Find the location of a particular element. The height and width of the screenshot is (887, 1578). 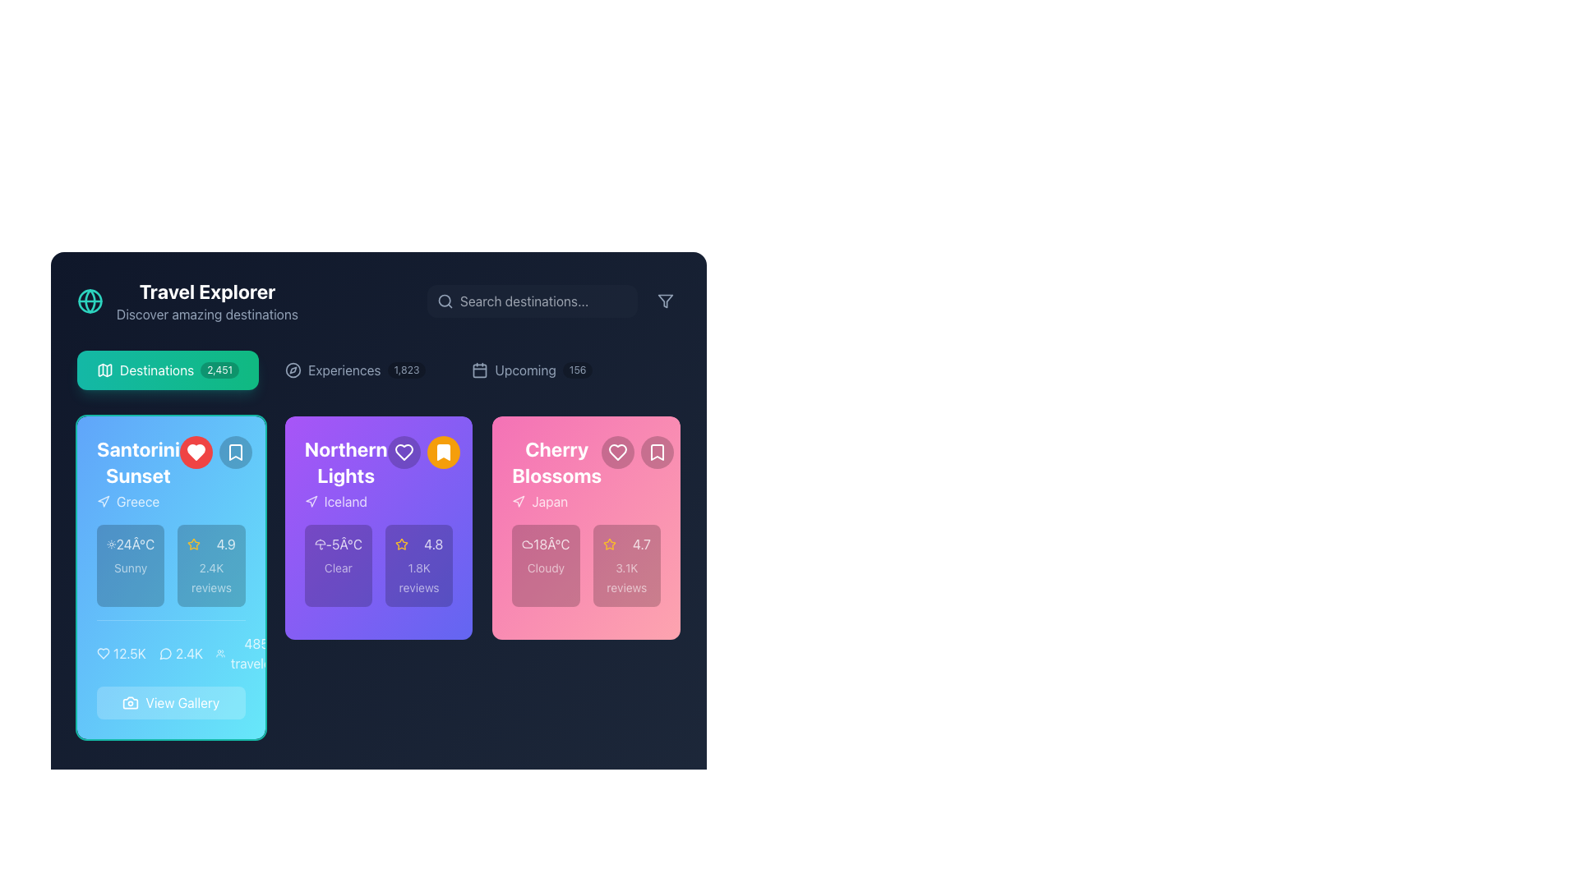

the temperature display '-5°C' in white text, which is located in the lower part of the purple card labeled 'Northern Lights' is located at coordinates (343, 545).